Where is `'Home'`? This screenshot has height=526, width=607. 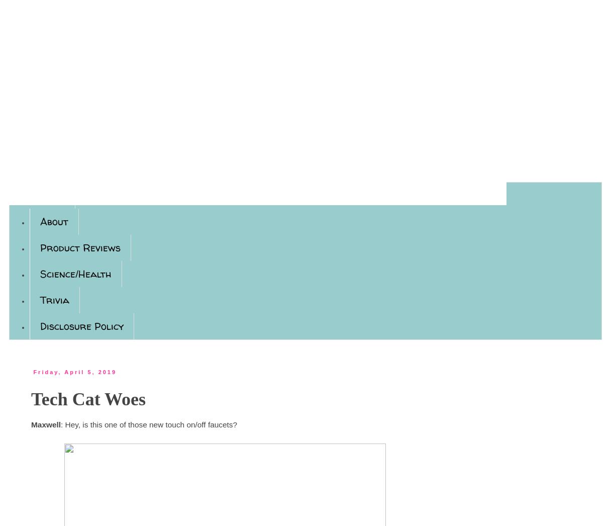
'Home' is located at coordinates (52, 195).